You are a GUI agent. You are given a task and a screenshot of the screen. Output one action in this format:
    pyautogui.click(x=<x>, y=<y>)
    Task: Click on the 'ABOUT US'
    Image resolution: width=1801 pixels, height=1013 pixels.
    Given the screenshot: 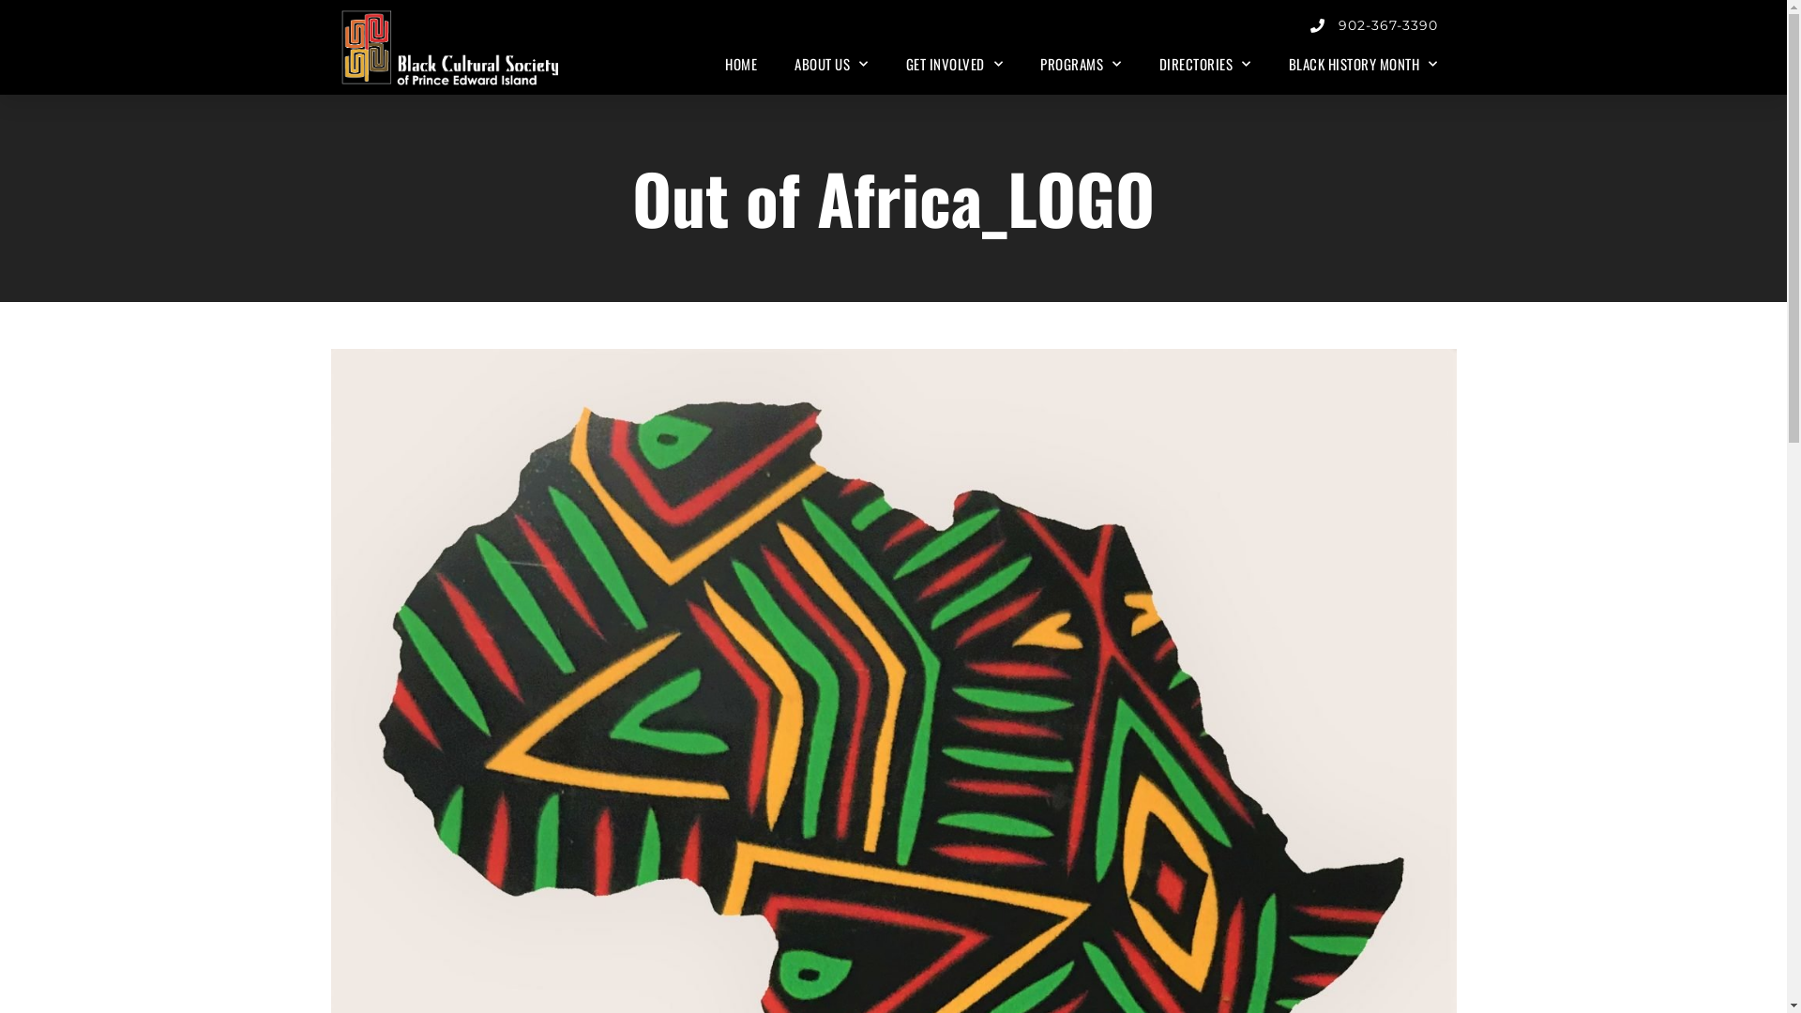 What is the action you would take?
    pyautogui.click(x=830, y=63)
    